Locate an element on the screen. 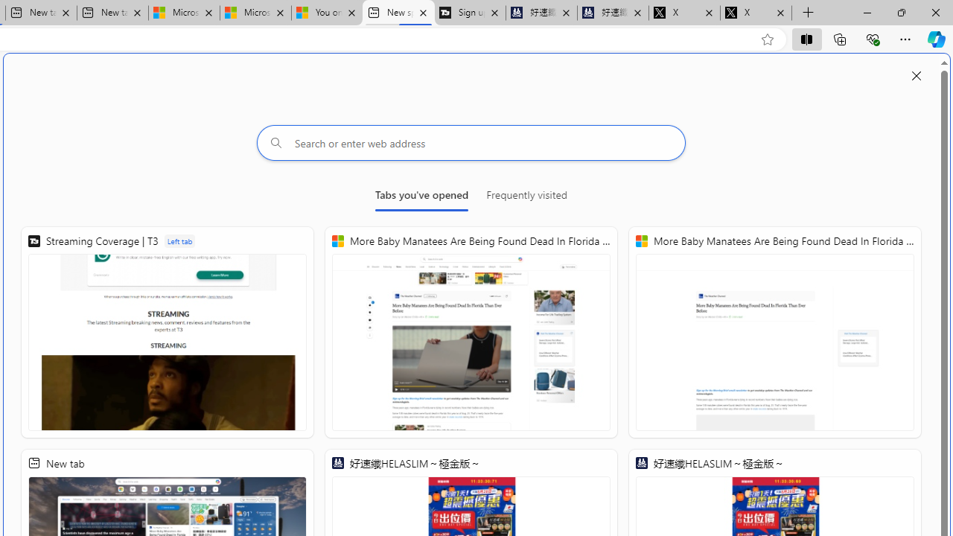  'Search or enter web address' is located at coordinates (471, 142).